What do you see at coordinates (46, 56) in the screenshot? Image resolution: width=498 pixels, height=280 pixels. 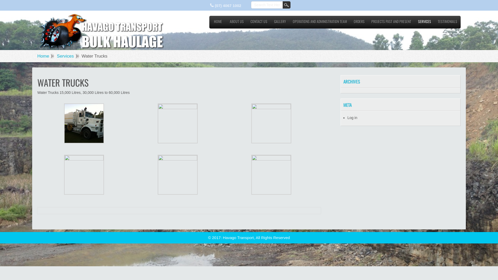 I see `'Home'` at bounding box center [46, 56].